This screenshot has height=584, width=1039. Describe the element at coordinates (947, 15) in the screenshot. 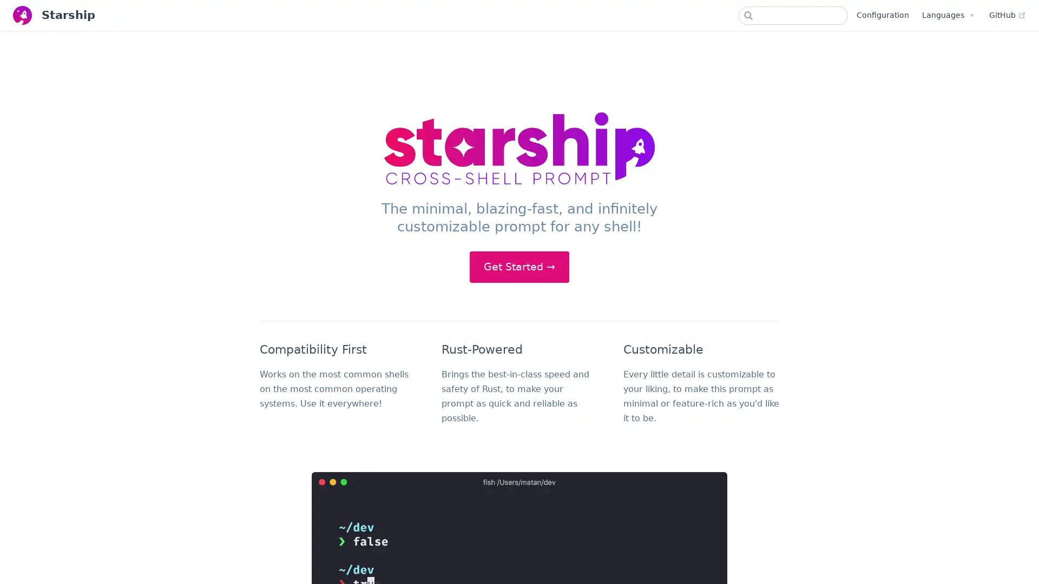

I see `Select language` at that location.